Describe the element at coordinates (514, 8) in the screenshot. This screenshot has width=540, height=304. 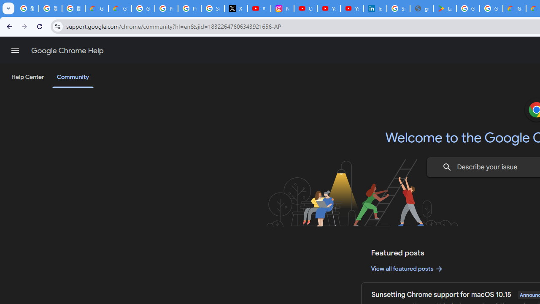
I see `'Government | Google Cloud'` at that location.